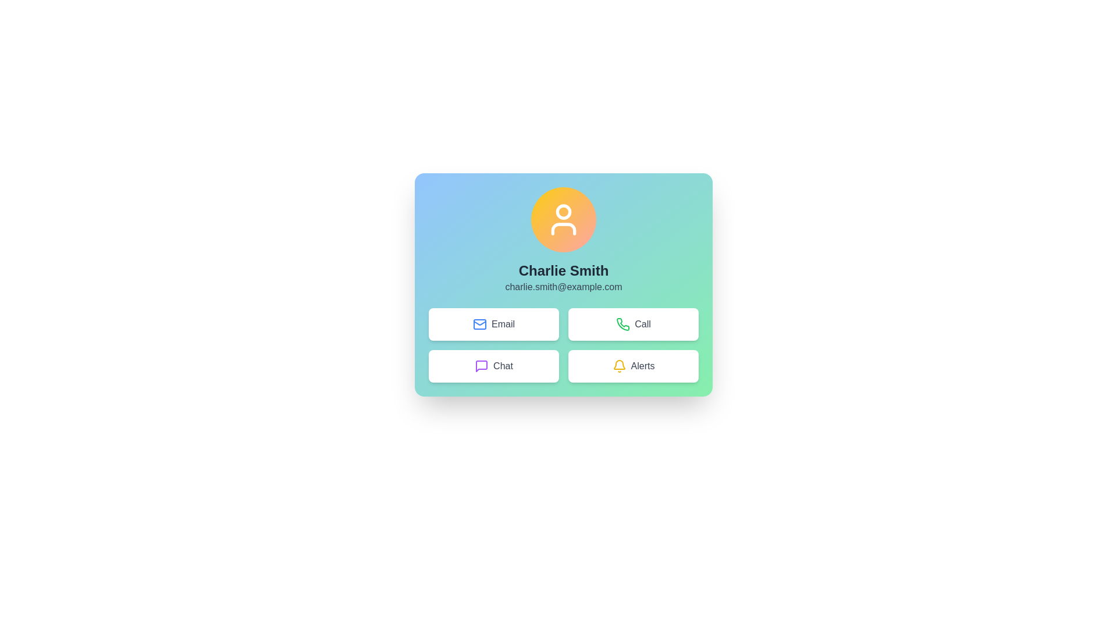  What do you see at coordinates (618, 365) in the screenshot?
I see `the notification or alert icon located in the lower-right quadrant of the card, adjacent to the 'Alerts' text` at bounding box center [618, 365].